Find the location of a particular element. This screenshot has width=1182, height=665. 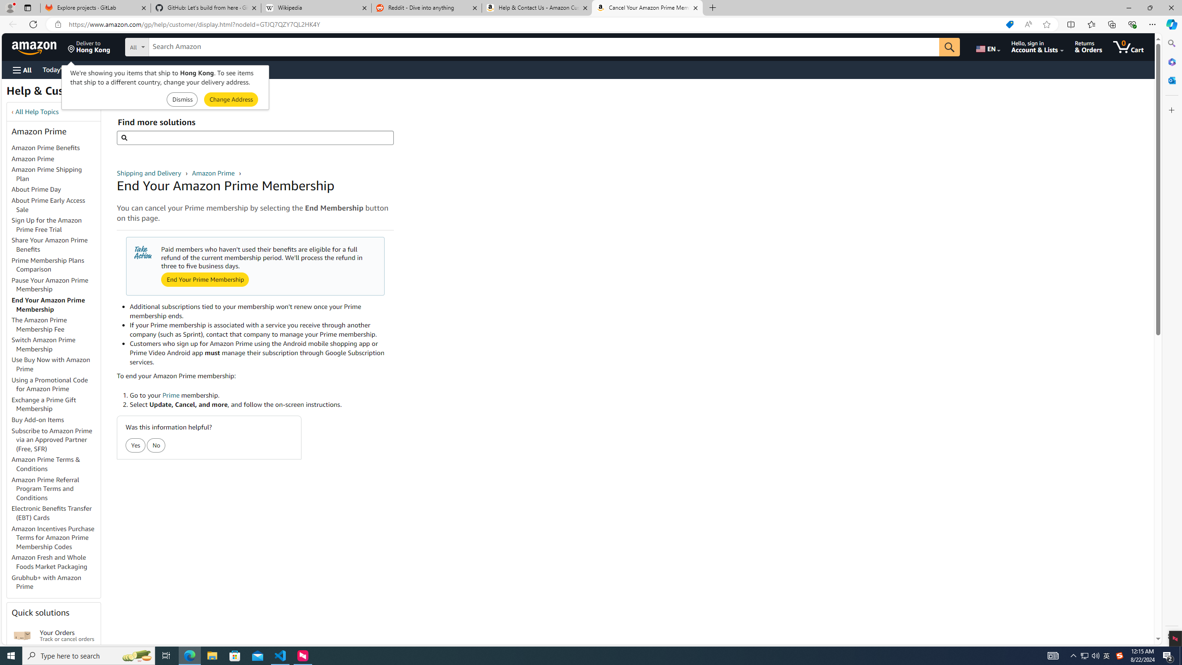

'Electronic Benefits Transfer (EBT) Cards' is located at coordinates (51, 513).